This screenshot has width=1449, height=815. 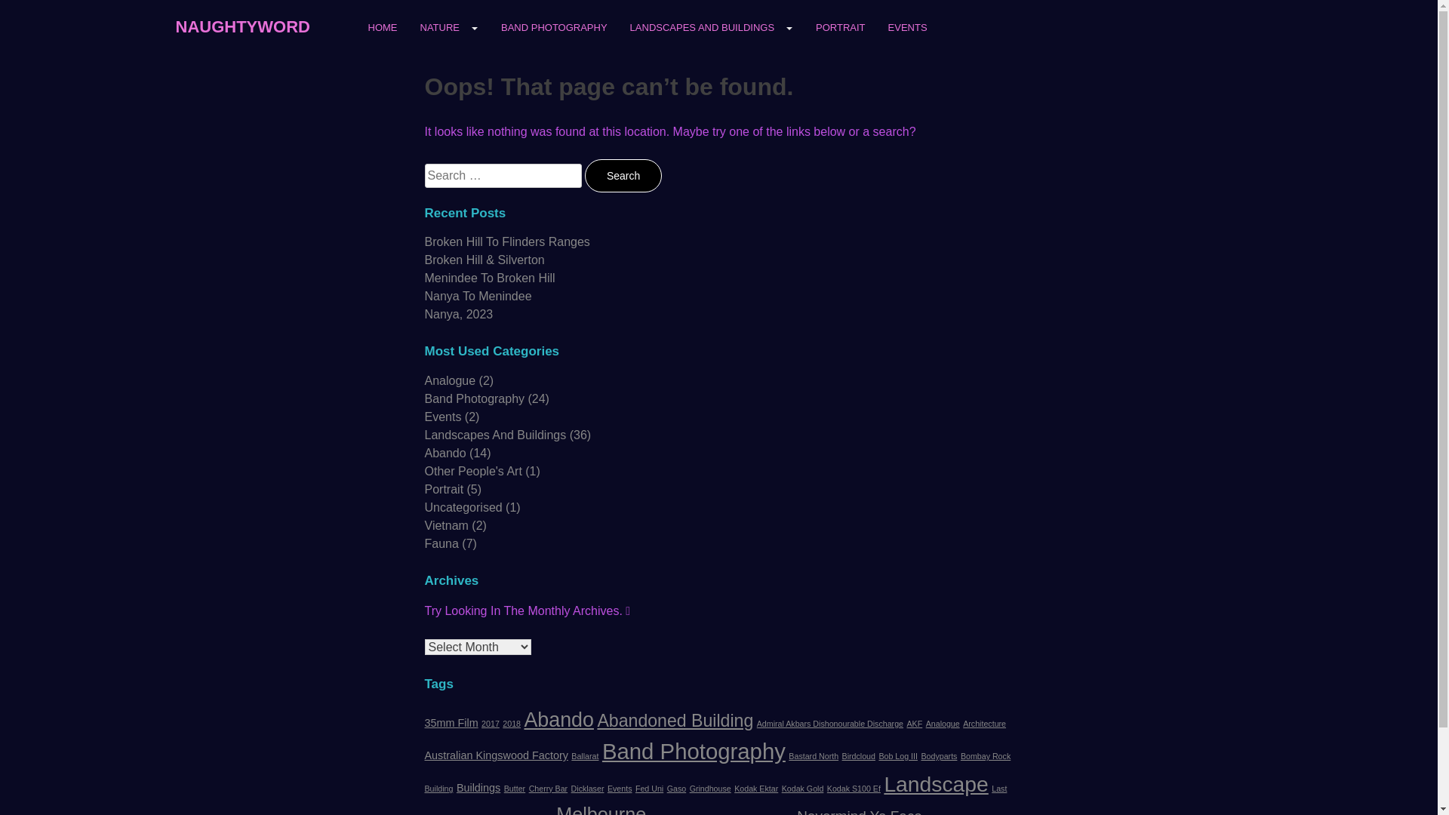 What do you see at coordinates (506, 241) in the screenshot?
I see `'Broken Hill To Flinders Ranges'` at bounding box center [506, 241].